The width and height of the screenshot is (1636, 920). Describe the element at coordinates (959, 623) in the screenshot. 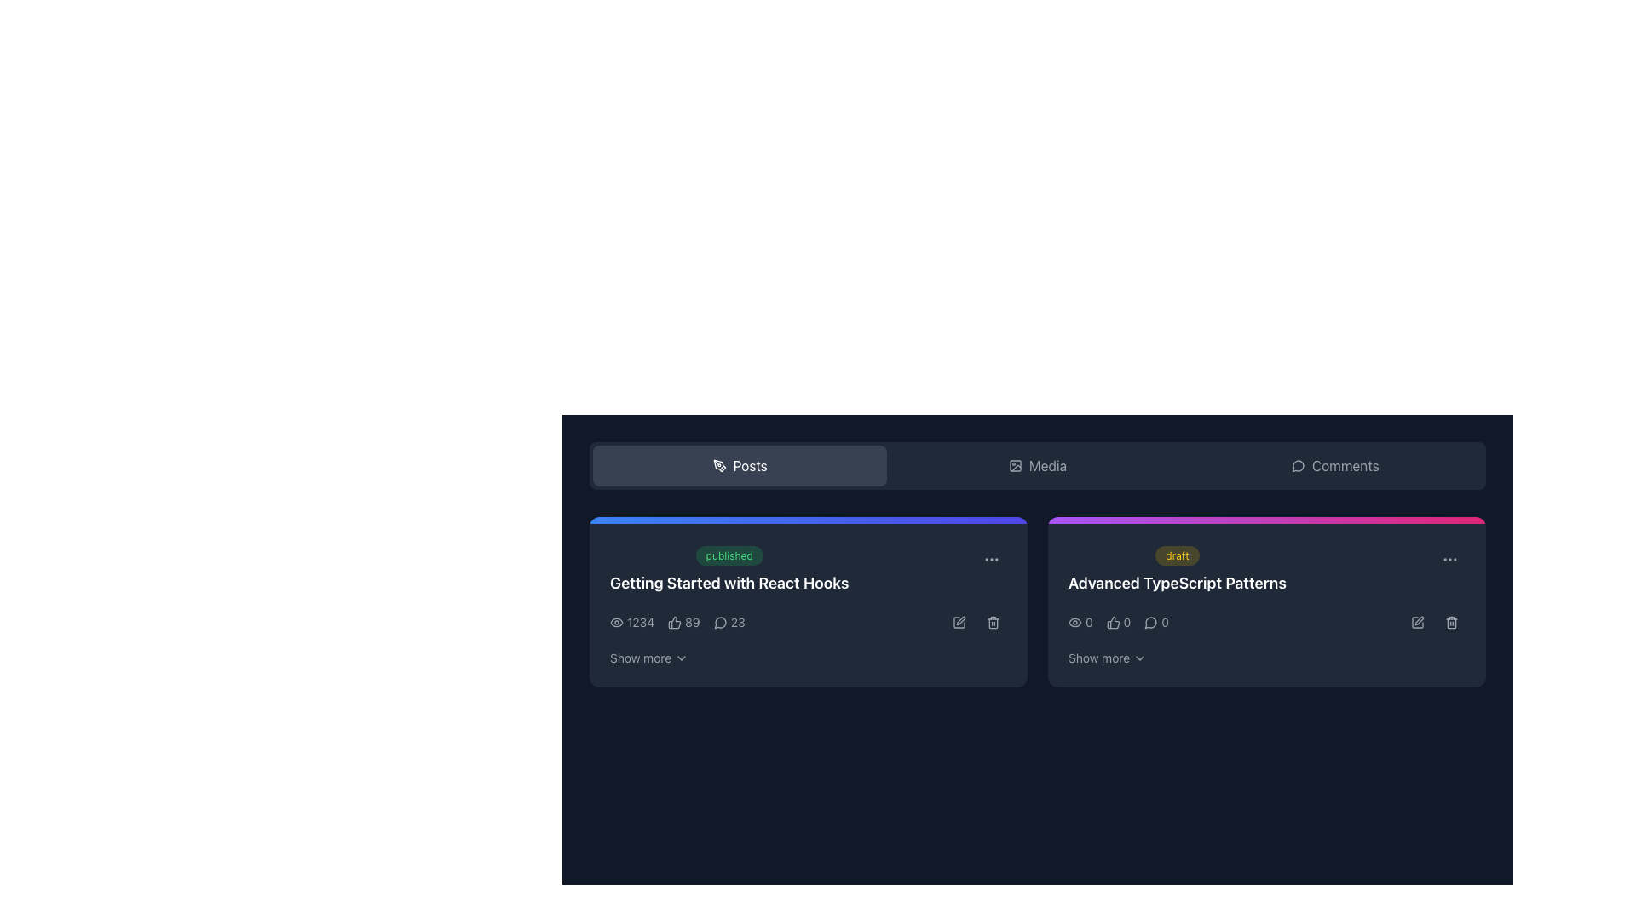

I see `the edit button with an icon located in the bottom-right corner of the first post card` at that location.